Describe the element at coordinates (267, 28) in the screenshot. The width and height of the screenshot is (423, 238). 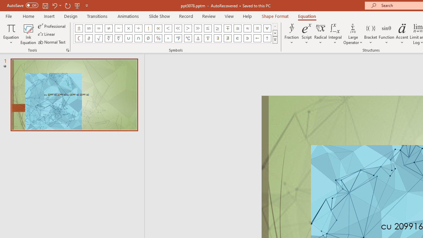
I see `'Equation Symbol For All'` at that location.